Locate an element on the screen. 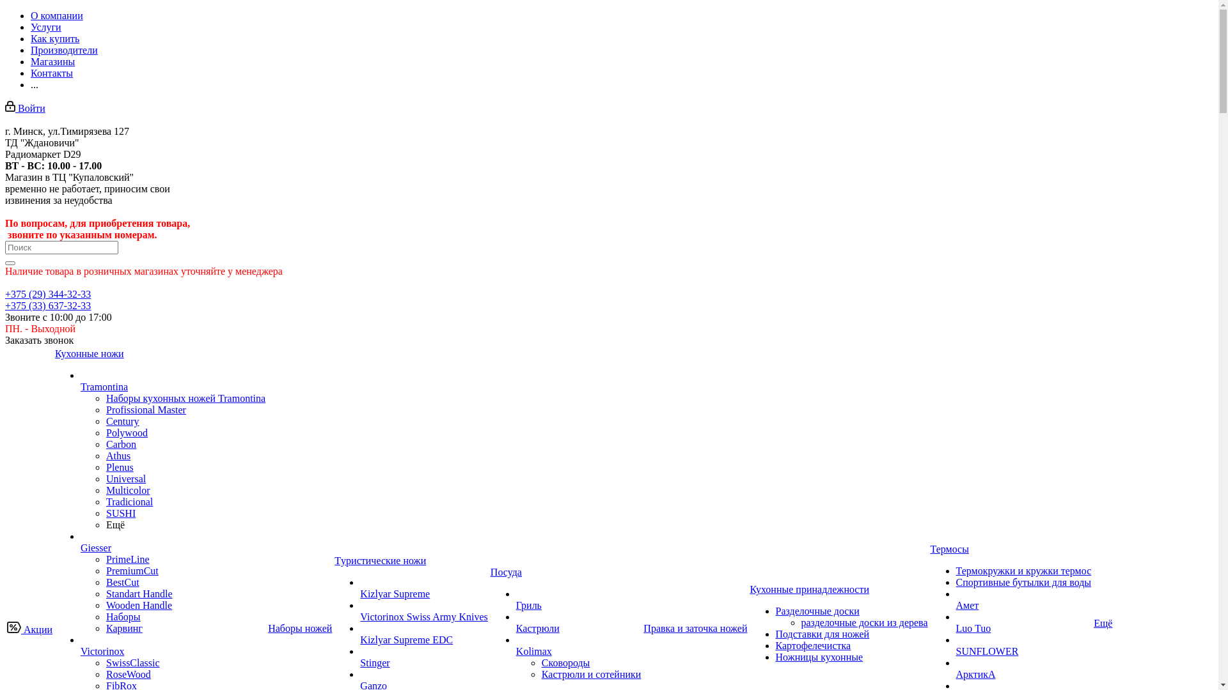 Image resolution: width=1228 pixels, height=690 pixels. 'Wooden Handle' is located at coordinates (139, 604).